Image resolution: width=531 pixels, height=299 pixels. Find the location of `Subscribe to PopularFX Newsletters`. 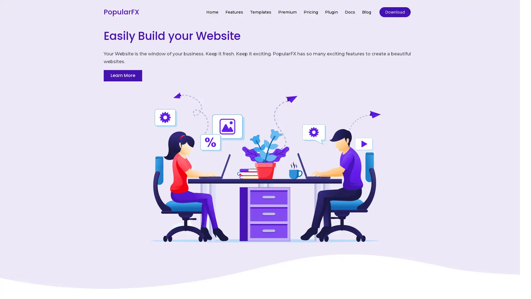

Subscribe to PopularFX Newsletters is located at coordinates (265, 139).